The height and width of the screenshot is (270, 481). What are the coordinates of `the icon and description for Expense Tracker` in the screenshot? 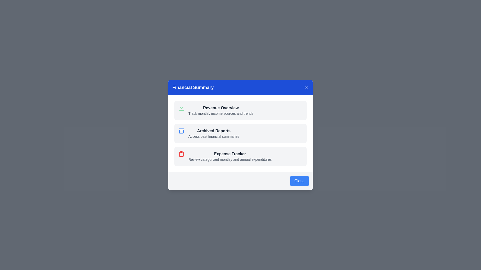 It's located at (181, 154).